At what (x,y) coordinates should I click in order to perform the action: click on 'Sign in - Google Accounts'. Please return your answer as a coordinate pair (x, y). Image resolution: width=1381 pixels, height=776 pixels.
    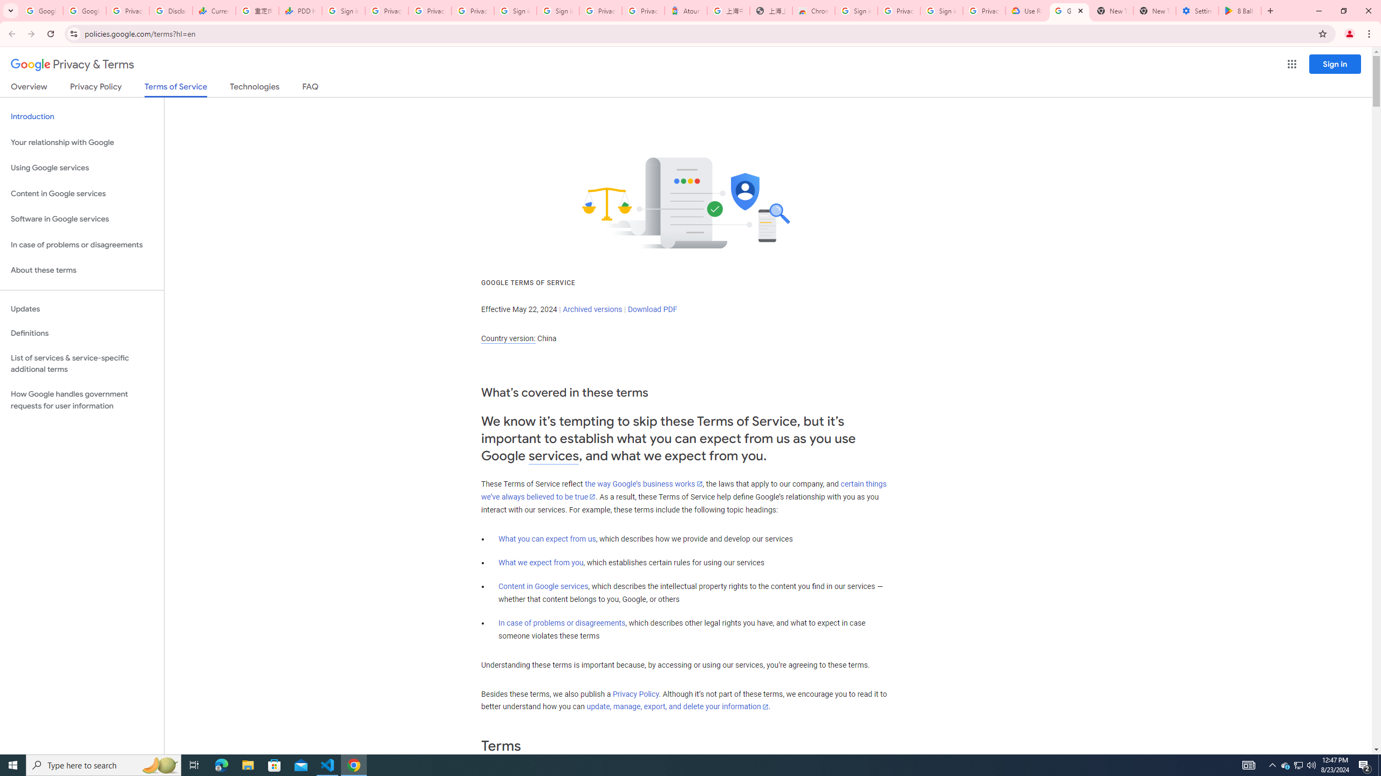
    Looking at the image, I should click on (558, 10).